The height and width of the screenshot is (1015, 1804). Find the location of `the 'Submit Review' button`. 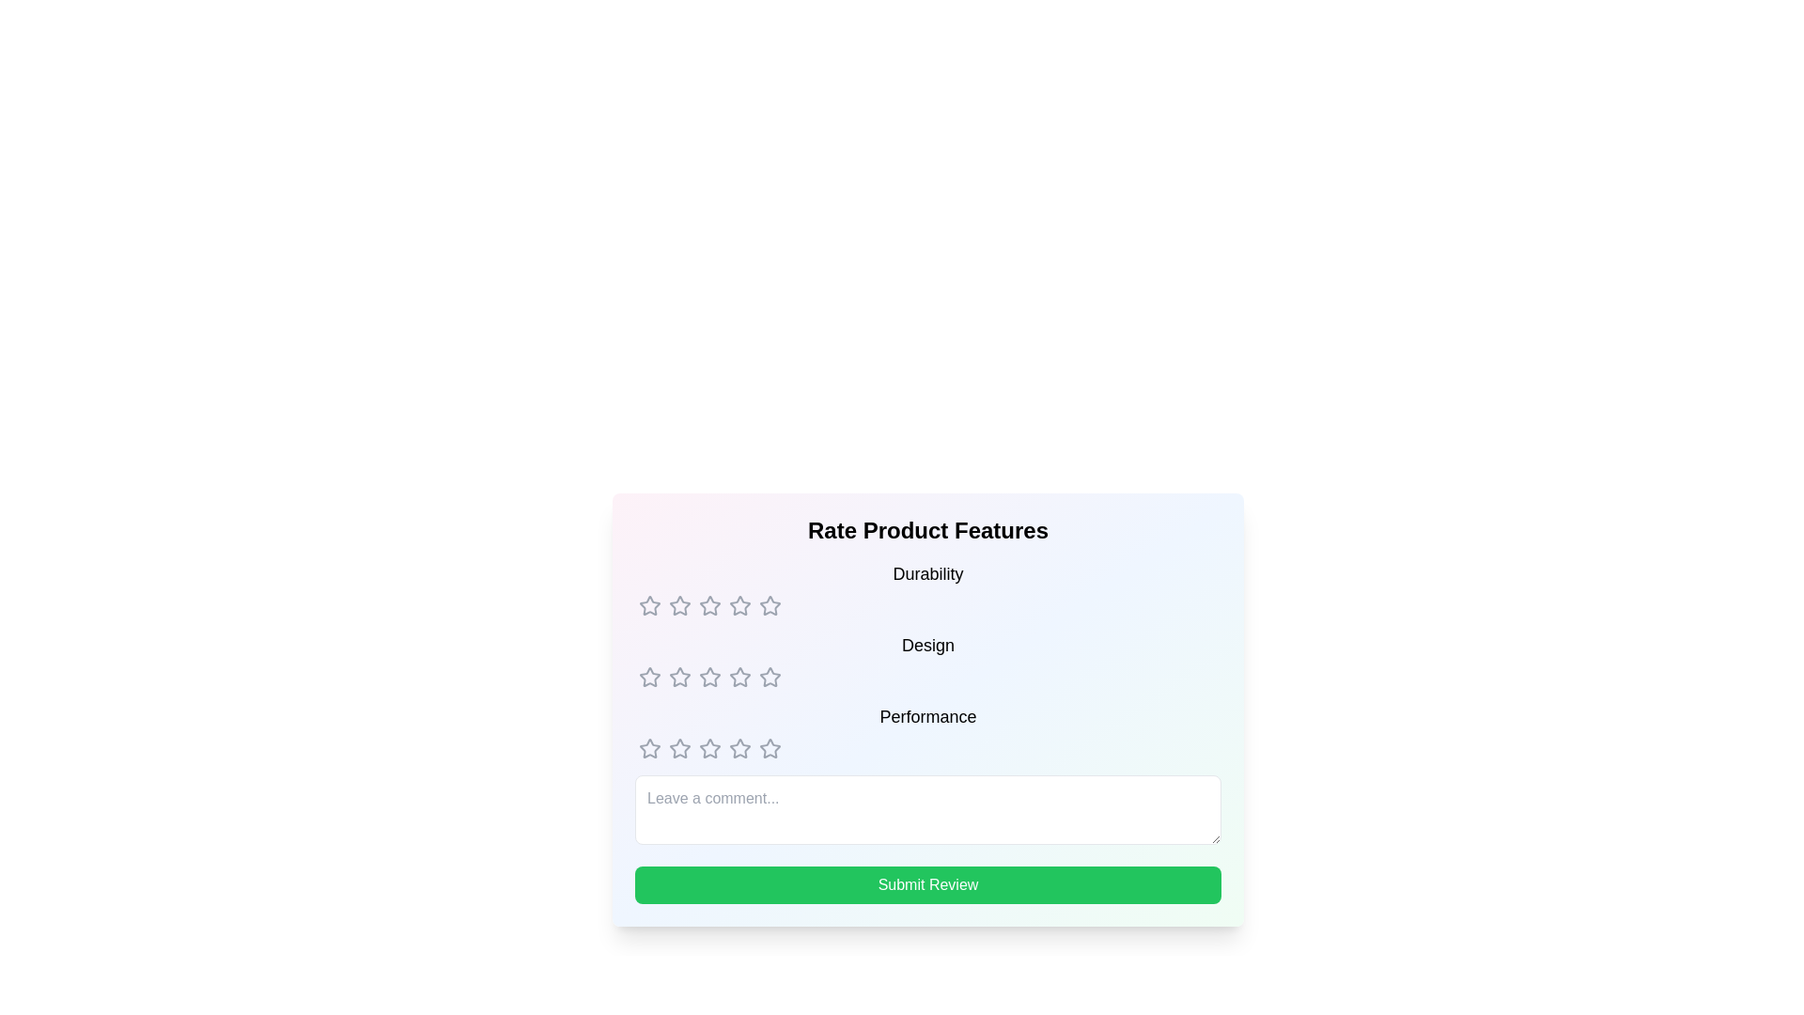

the 'Submit Review' button is located at coordinates (928, 884).